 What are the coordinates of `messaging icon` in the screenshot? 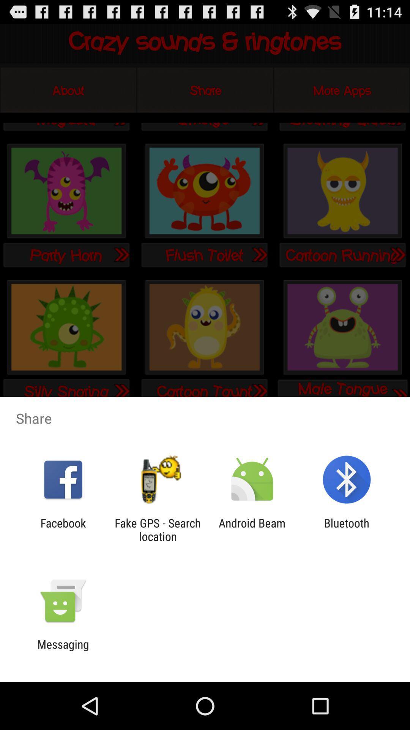 It's located at (63, 651).